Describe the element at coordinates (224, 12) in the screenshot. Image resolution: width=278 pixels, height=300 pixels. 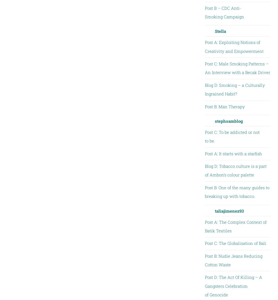
I see `'Post B – CDC Anti-Smoking Campaign'` at that location.